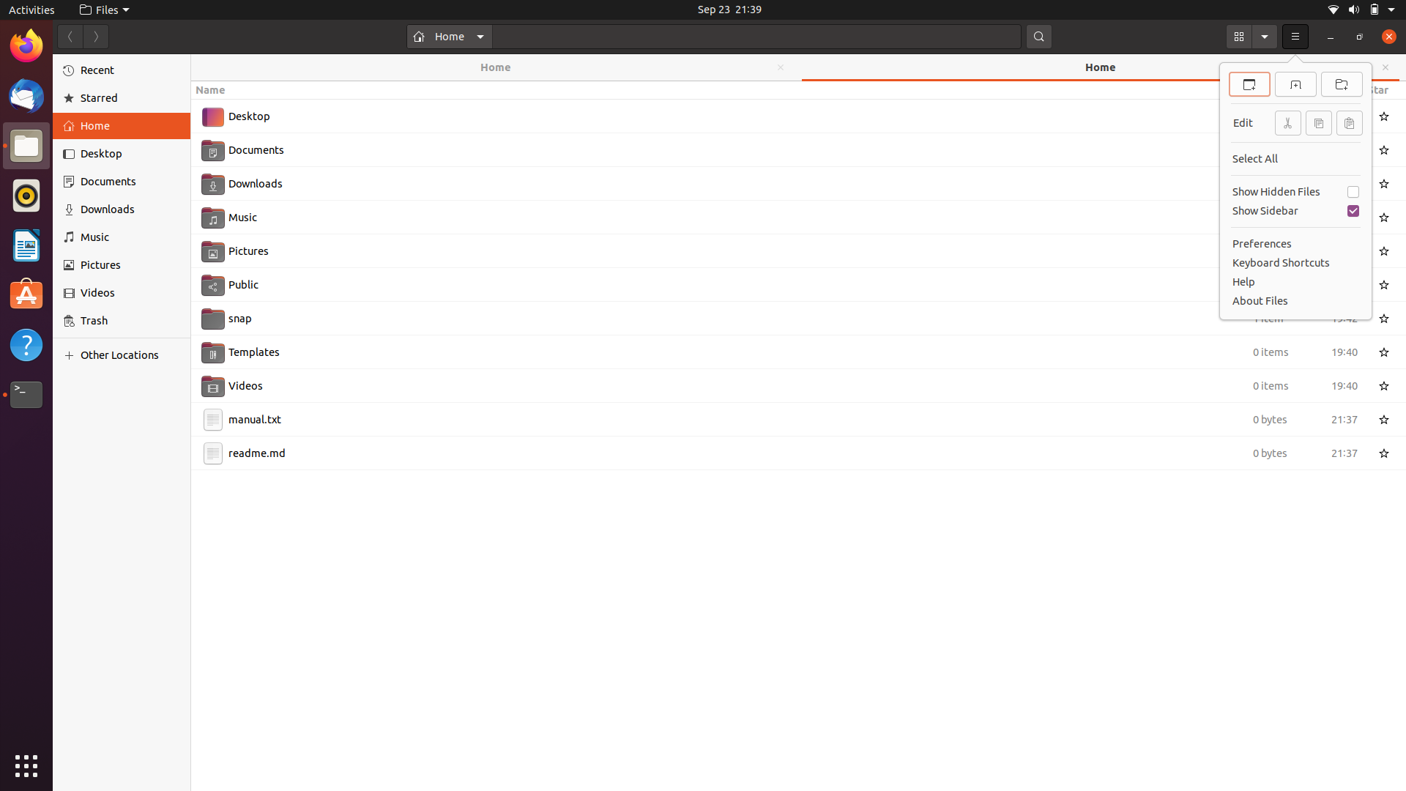  Describe the element at coordinates (1294, 212) in the screenshot. I see `Delete the sidebar with mouse and keyboard commands` at that location.